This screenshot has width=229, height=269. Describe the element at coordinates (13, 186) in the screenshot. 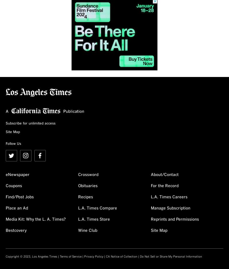

I see `'Coupons'` at that location.